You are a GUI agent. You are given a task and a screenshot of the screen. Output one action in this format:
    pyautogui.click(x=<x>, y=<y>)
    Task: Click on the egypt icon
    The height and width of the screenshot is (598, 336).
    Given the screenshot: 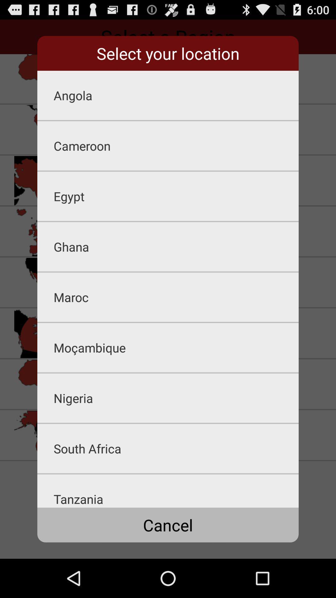 What is the action you would take?
    pyautogui.click(x=176, y=196)
    